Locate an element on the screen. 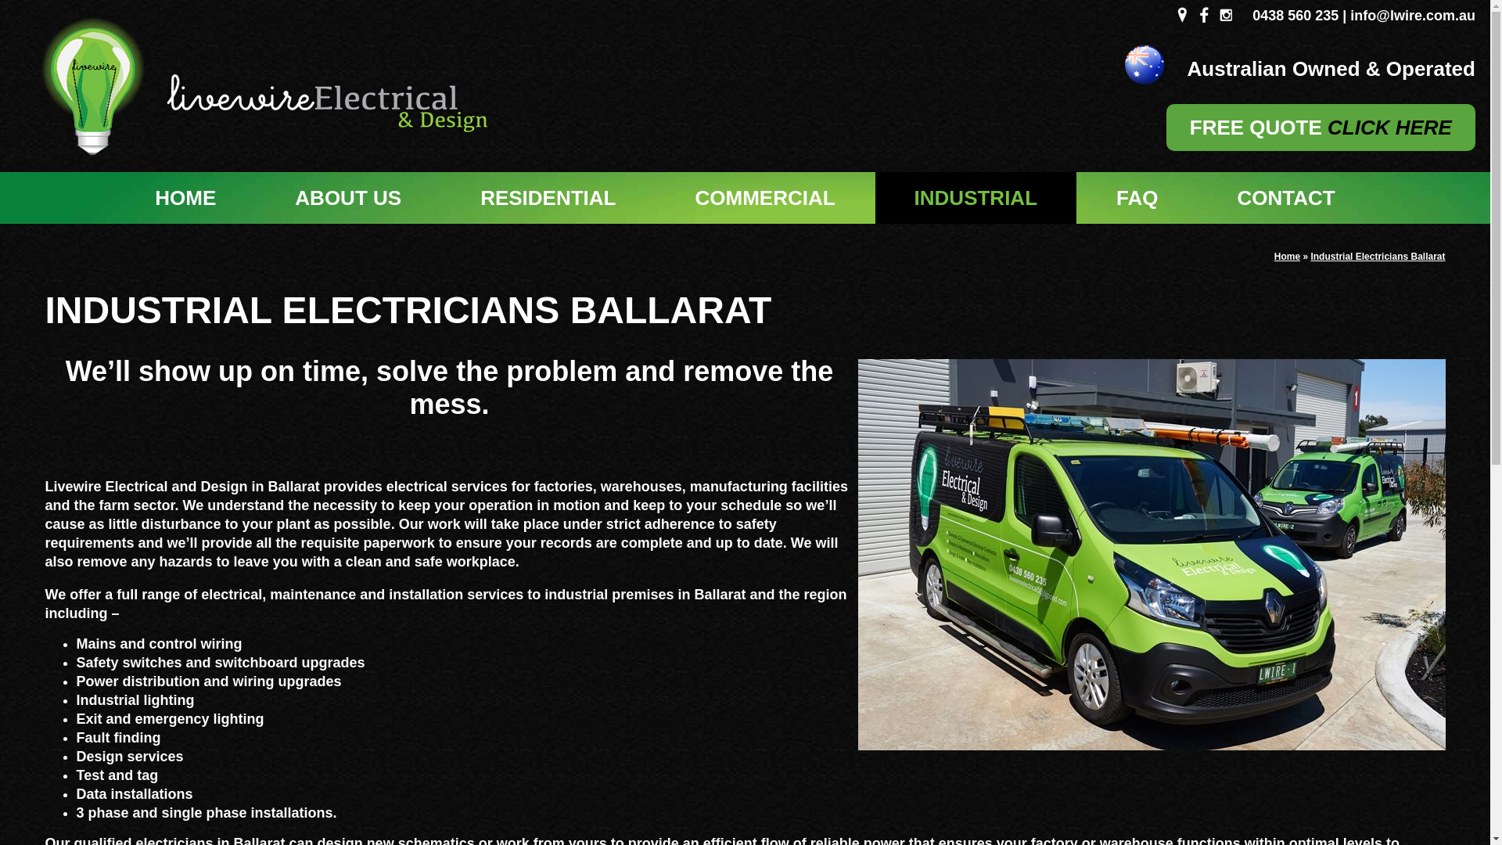 Image resolution: width=1502 pixels, height=845 pixels. 'View our Instagram Gallery' is located at coordinates (1224, 15).